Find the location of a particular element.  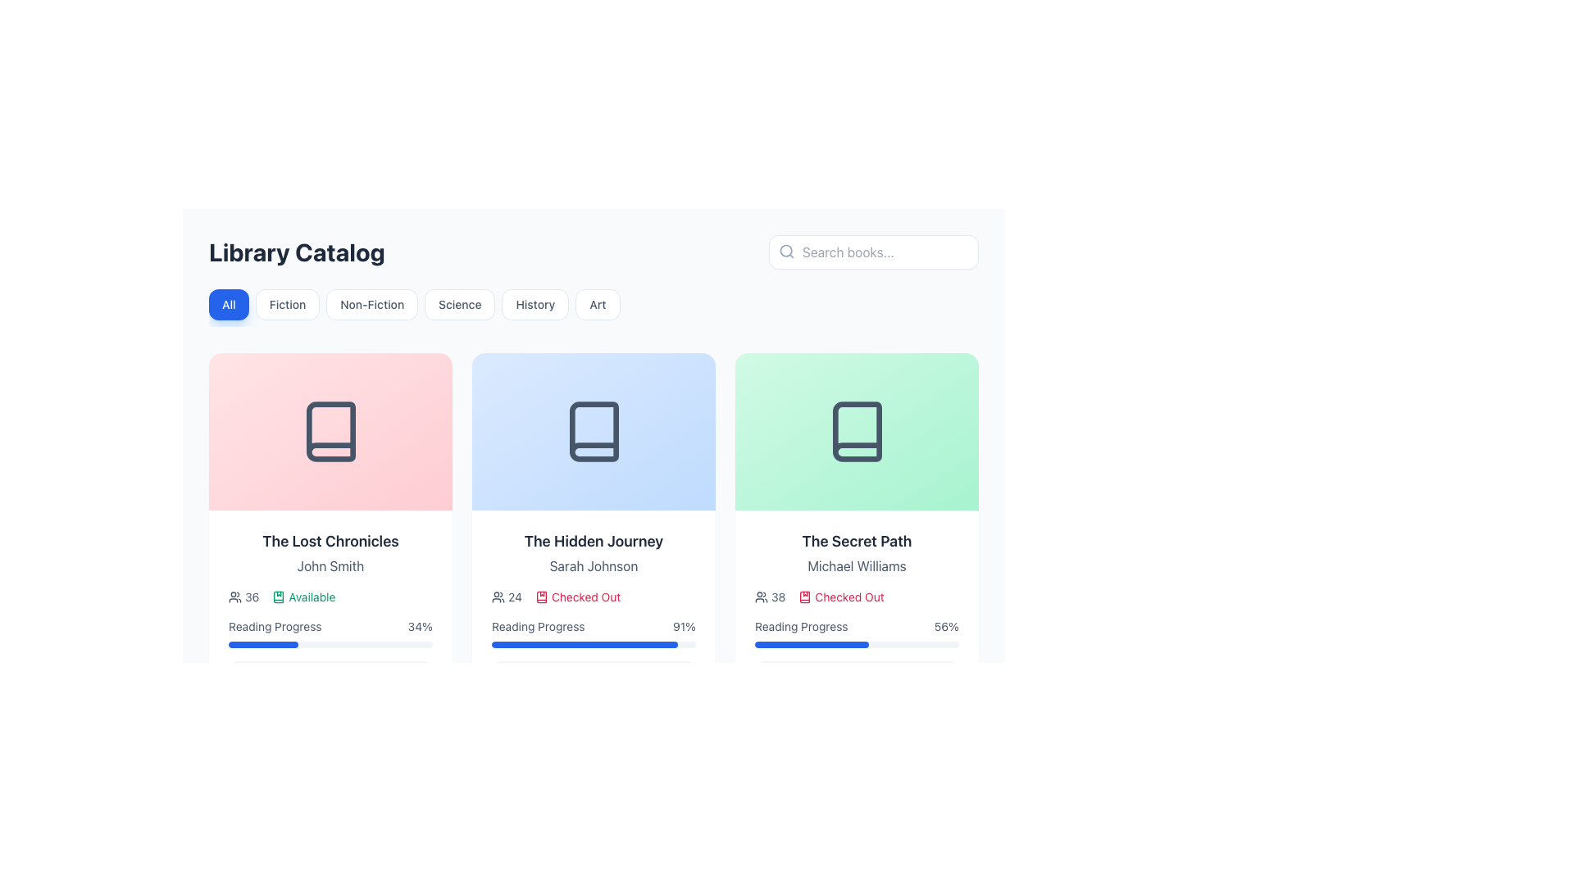

progress indicator text located in the third section of the card layout for the book 'The Hidden Journey', positioned between the 'Checked Out' status and the 'View Details' button is located at coordinates (593, 632).